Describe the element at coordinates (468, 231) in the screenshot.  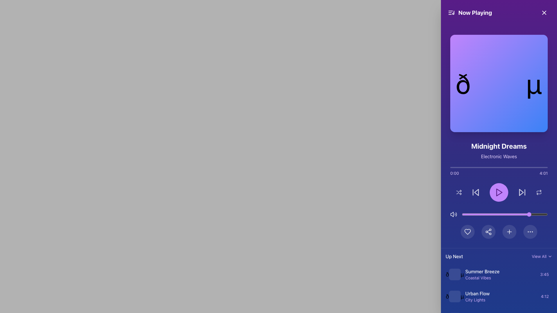
I see `the circular 'like' button located in the control section of the music interface to favorite the currently playing track` at that location.